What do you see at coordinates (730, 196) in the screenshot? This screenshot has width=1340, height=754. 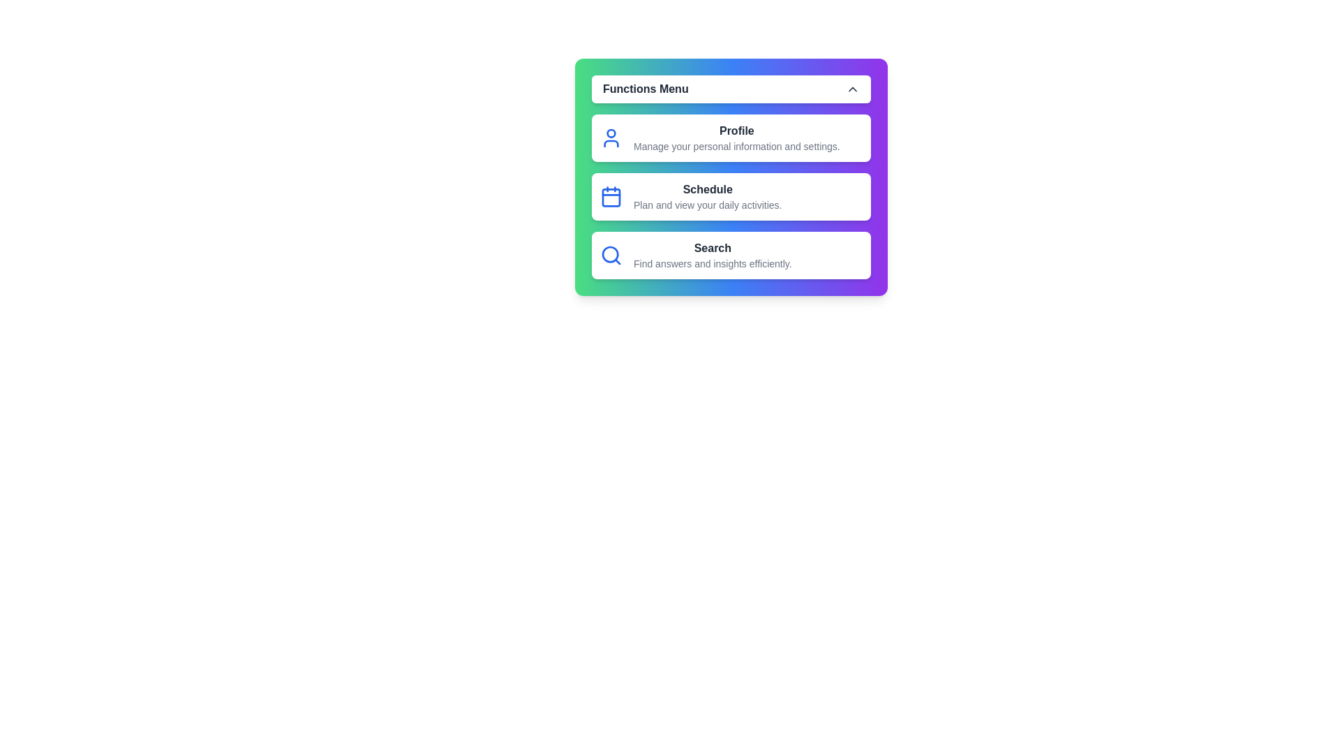 I see `the description of the menu item Schedule` at bounding box center [730, 196].